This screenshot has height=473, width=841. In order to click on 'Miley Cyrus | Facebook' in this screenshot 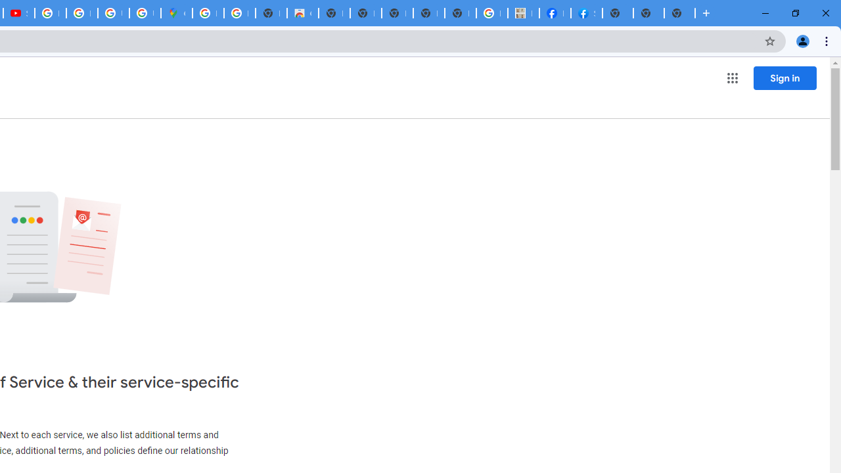, I will do `click(555, 13)`.